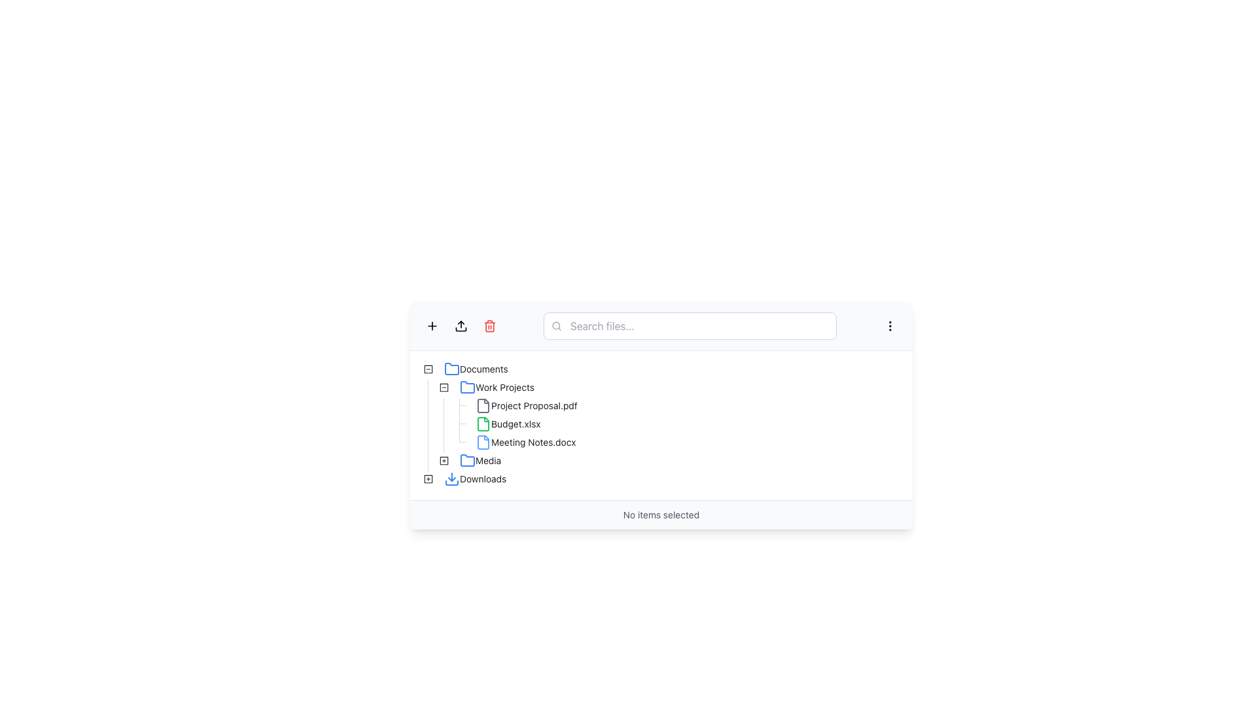 The image size is (1256, 706). I want to click on the vertical ellipsis icon located in the top-right portion of the user interface, which is part of a hovering rectangular button, so click(890, 325).